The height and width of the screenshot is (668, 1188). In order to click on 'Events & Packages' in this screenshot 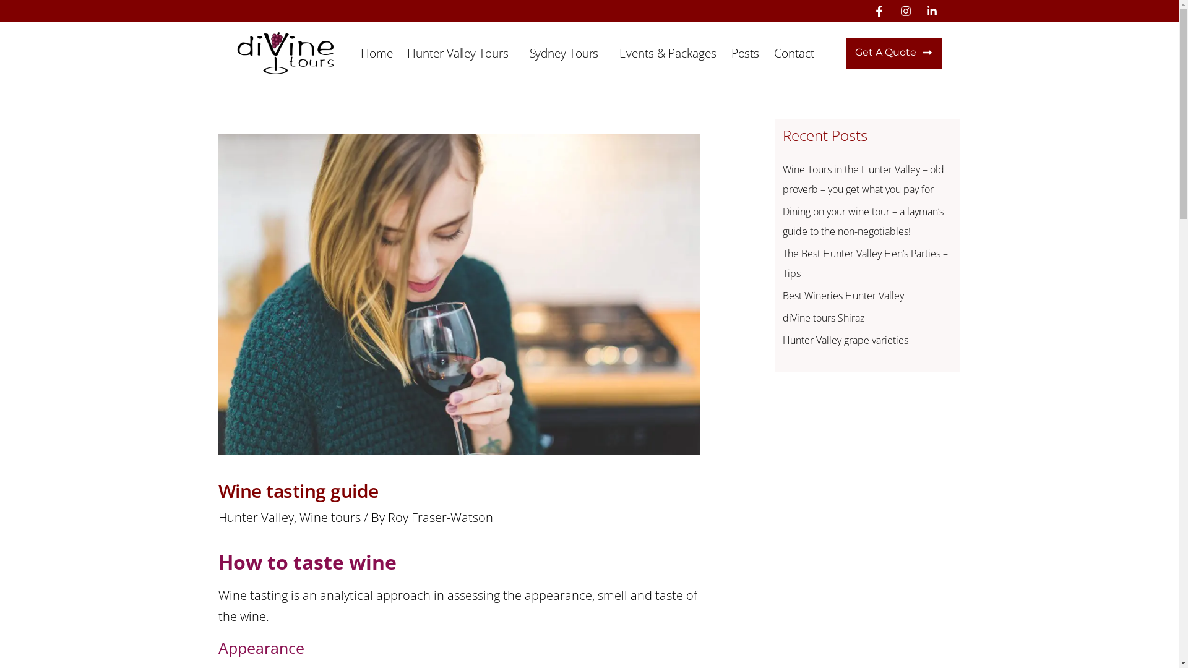, I will do `click(667, 52)`.